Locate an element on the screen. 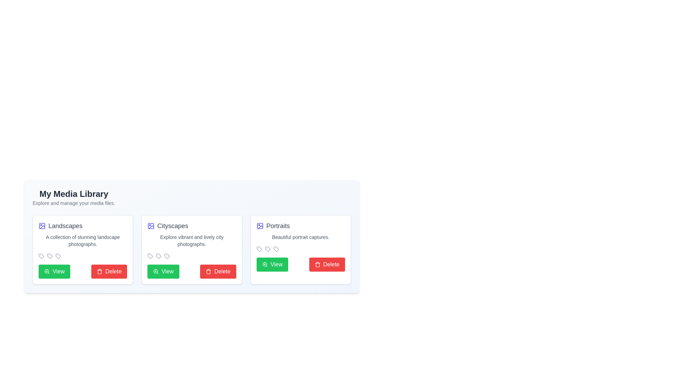 The image size is (674, 379). the tagging feature icon for the 'Cityscapes' card, which is the third icon in the bottom row of tag icons in the media library section is located at coordinates (167, 256).